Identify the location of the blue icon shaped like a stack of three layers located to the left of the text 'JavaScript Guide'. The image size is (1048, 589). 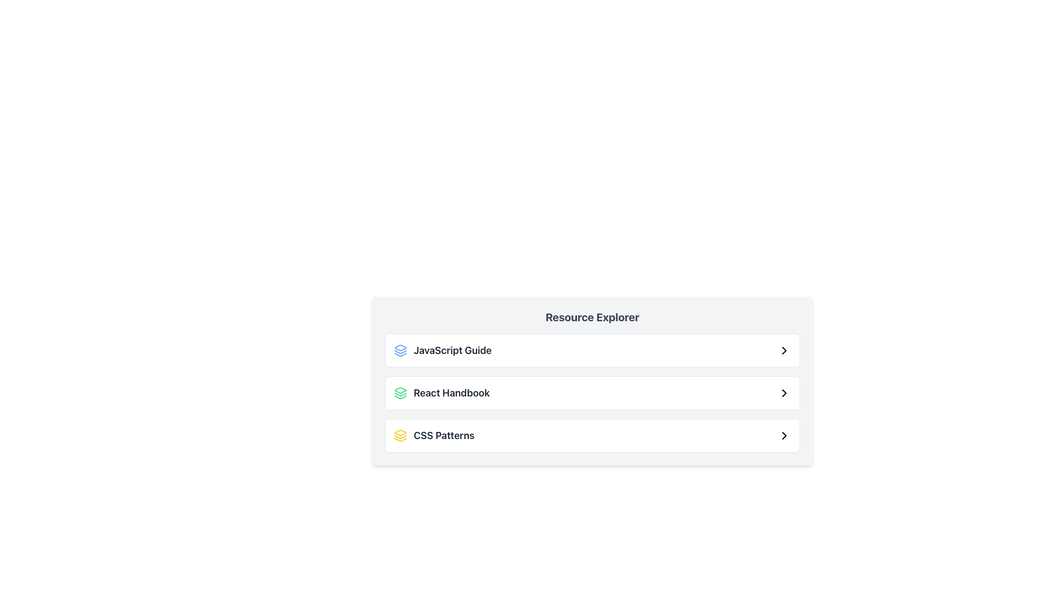
(400, 351).